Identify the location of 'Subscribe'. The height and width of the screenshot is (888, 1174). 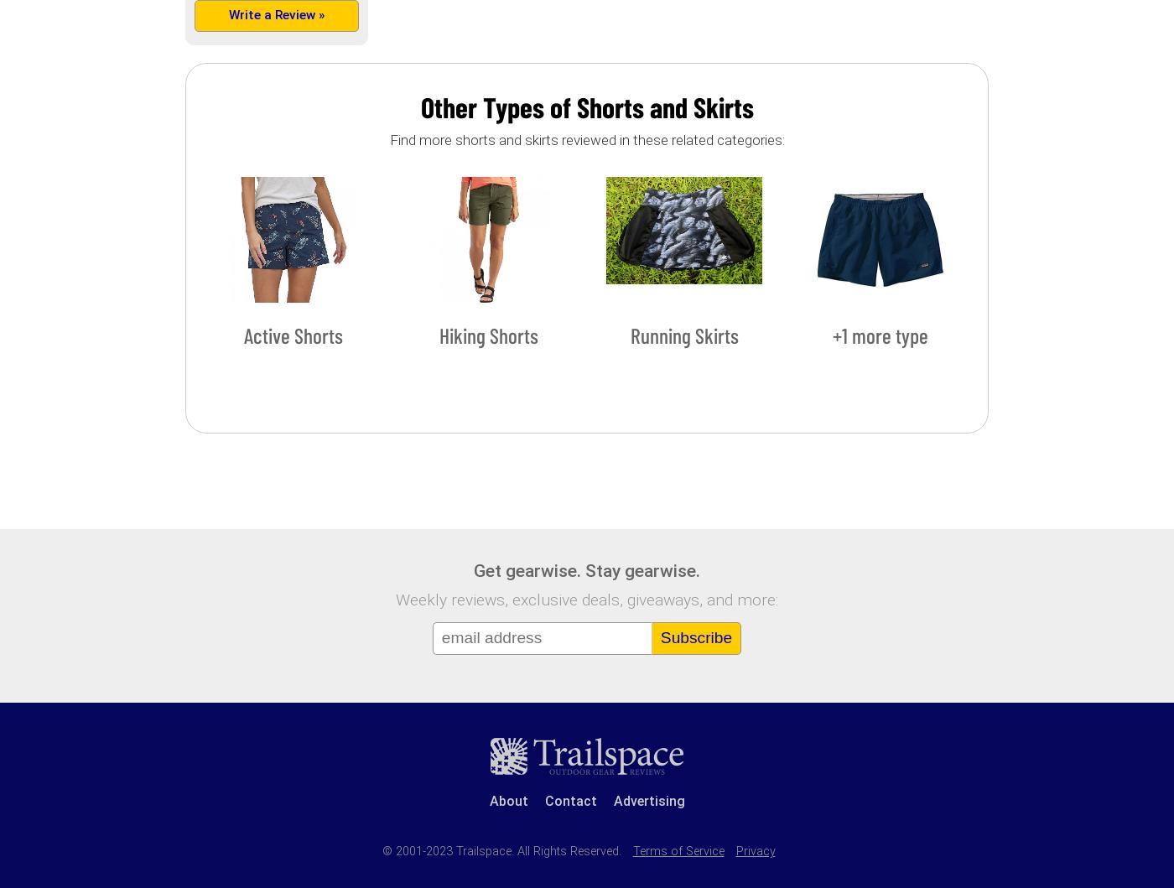
(696, 636).